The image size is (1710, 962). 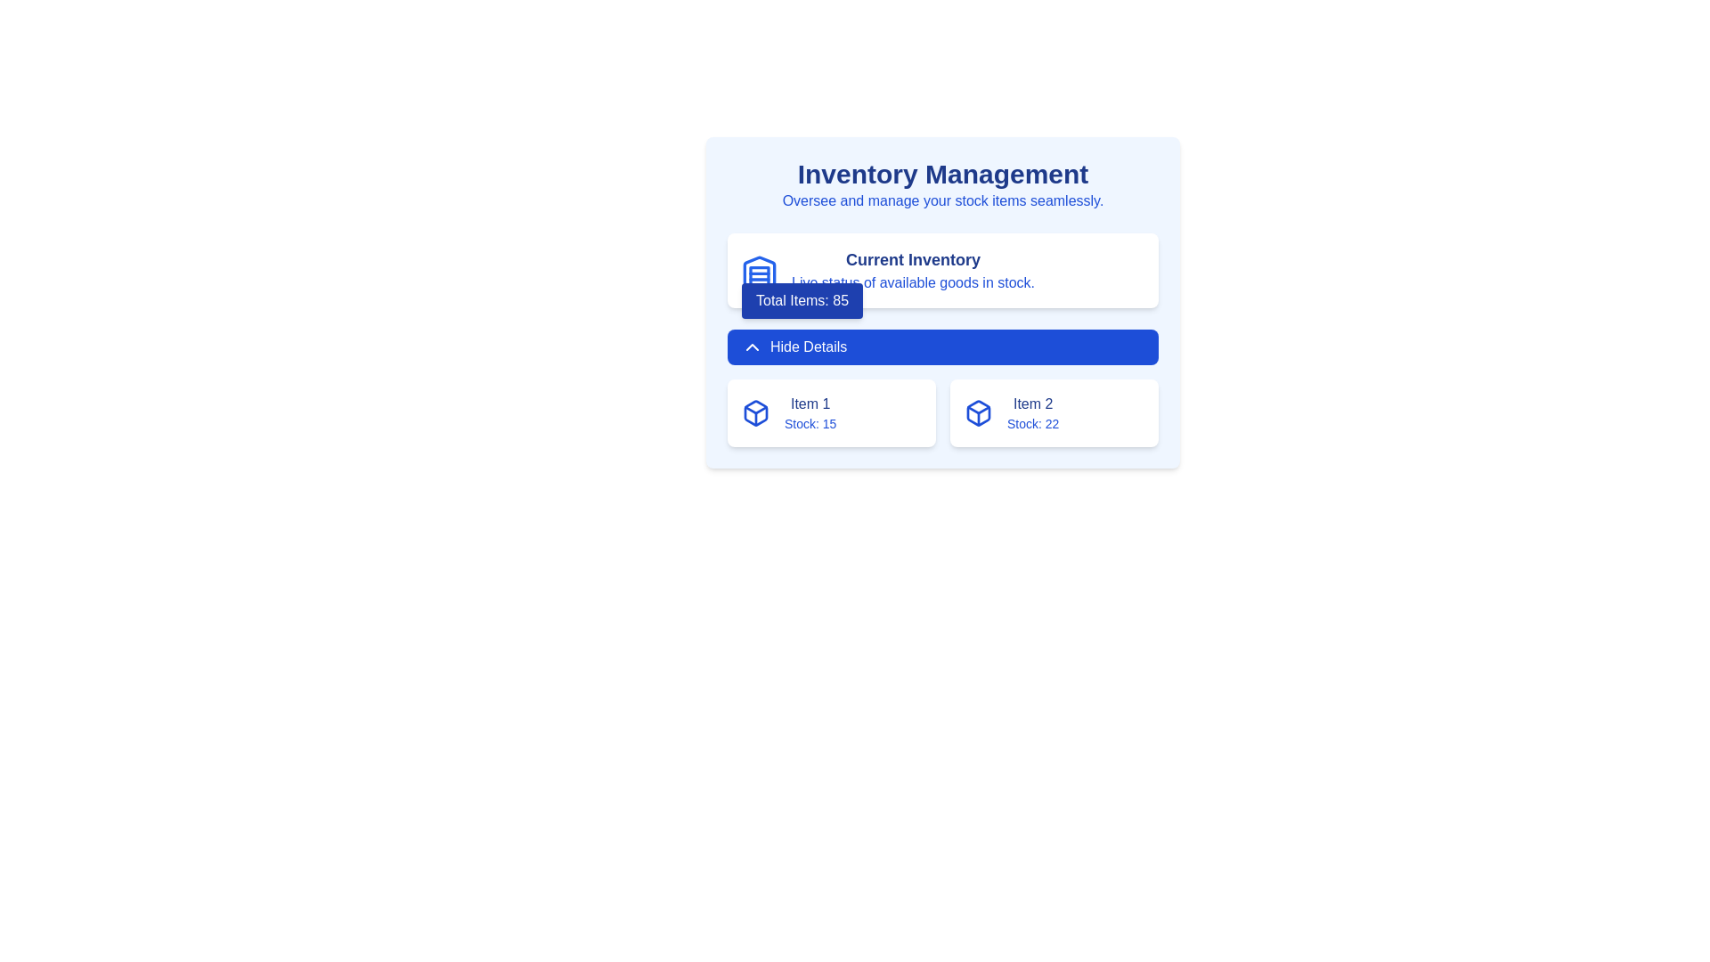 What do you see at coordinates (756, 412) in the screenshot?
I see `the compact blue cube icon to the left of the text 'Item 1 Stock: 15' within its card` at bounding box center [756, 412].